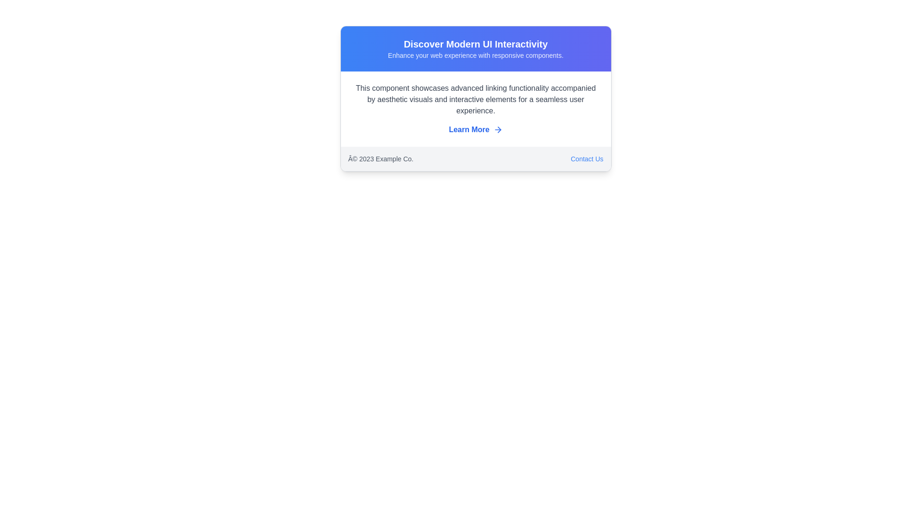 The image size is (904, 508). Describe the element at coordinates (476, 49) in the screenshot. I see `the Informational banner titled 'Discover Modern UI Interactivity' which is located at the top of the section, characterized by its gradient background and centrally aligned white text` at that location.